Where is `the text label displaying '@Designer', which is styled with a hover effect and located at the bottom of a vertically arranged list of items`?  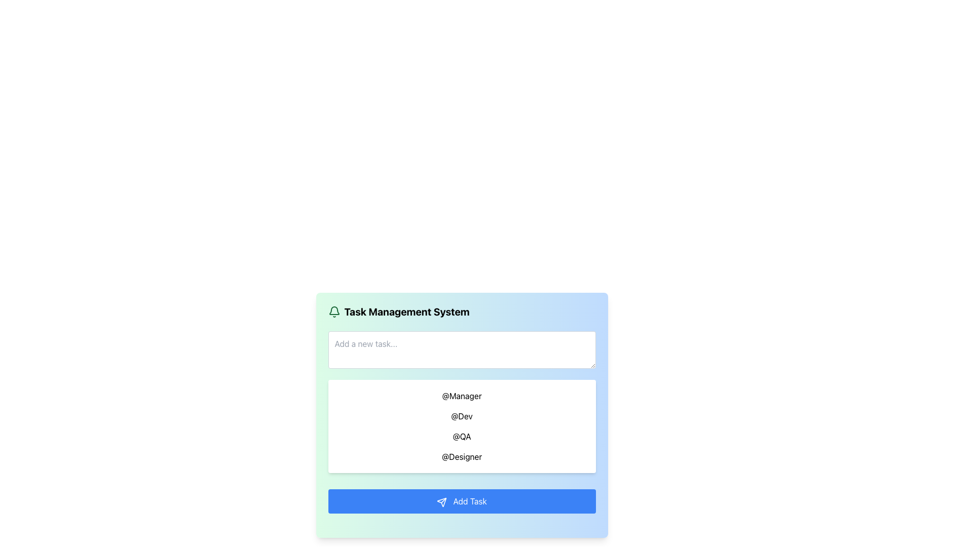
the text label displaying '@Designer', which is styled with a hover effect and located at the bottom of a vertically arranged list of items is located at coordinates (461, 457).